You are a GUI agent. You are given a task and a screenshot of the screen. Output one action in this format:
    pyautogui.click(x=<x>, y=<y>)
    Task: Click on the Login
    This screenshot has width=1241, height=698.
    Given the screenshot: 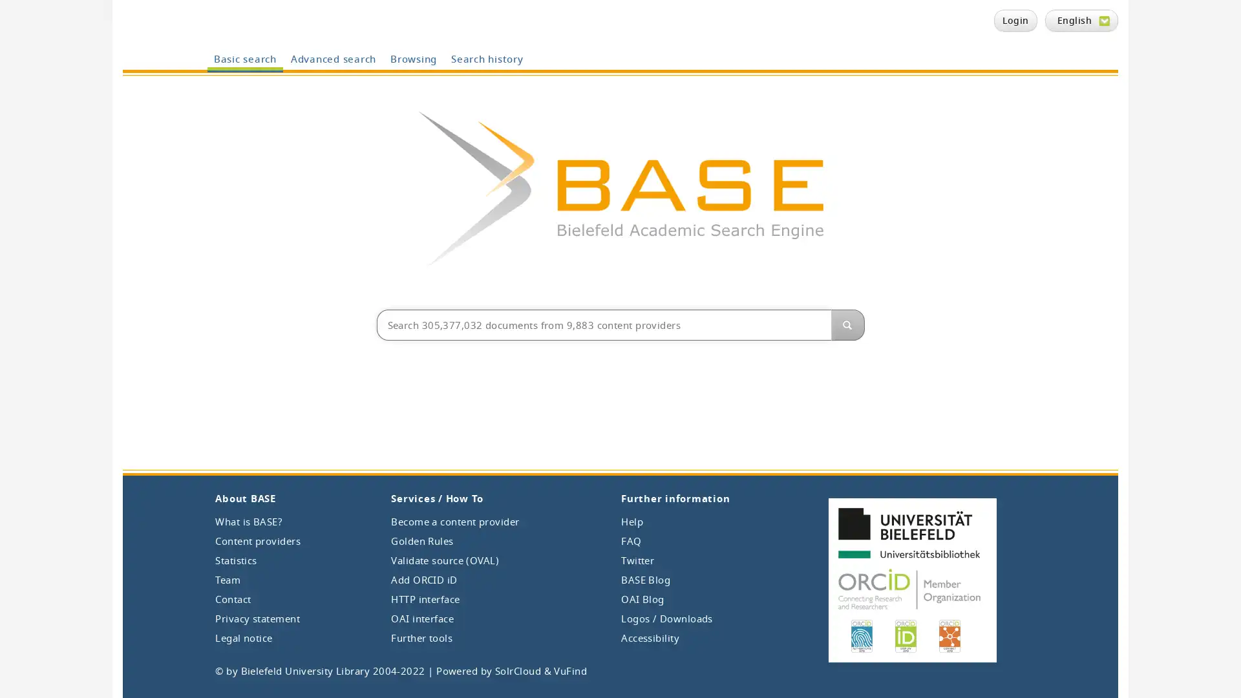 What is the action you would take?
    pyautogui.click(x=1014, y=20)
    